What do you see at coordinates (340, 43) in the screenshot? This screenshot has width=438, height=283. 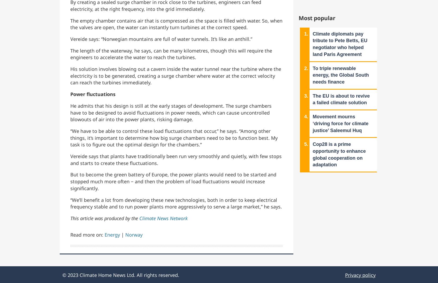 I see `'Climate diplomats pay tribute to Pete Betts, EU negotiator who helped land Paris Agreement'` at bounding box center [340, 43].